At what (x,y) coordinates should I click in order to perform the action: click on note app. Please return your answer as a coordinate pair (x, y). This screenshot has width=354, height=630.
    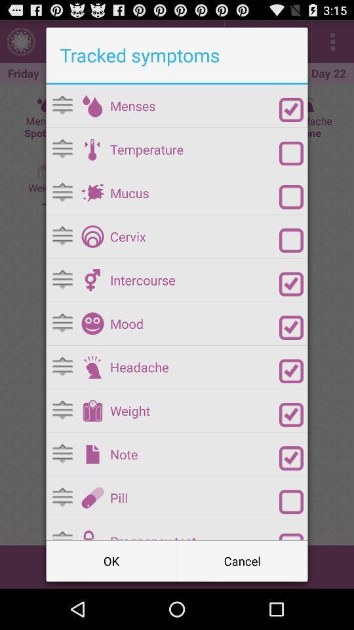
    Looking at the image, I should click on (194, 454).